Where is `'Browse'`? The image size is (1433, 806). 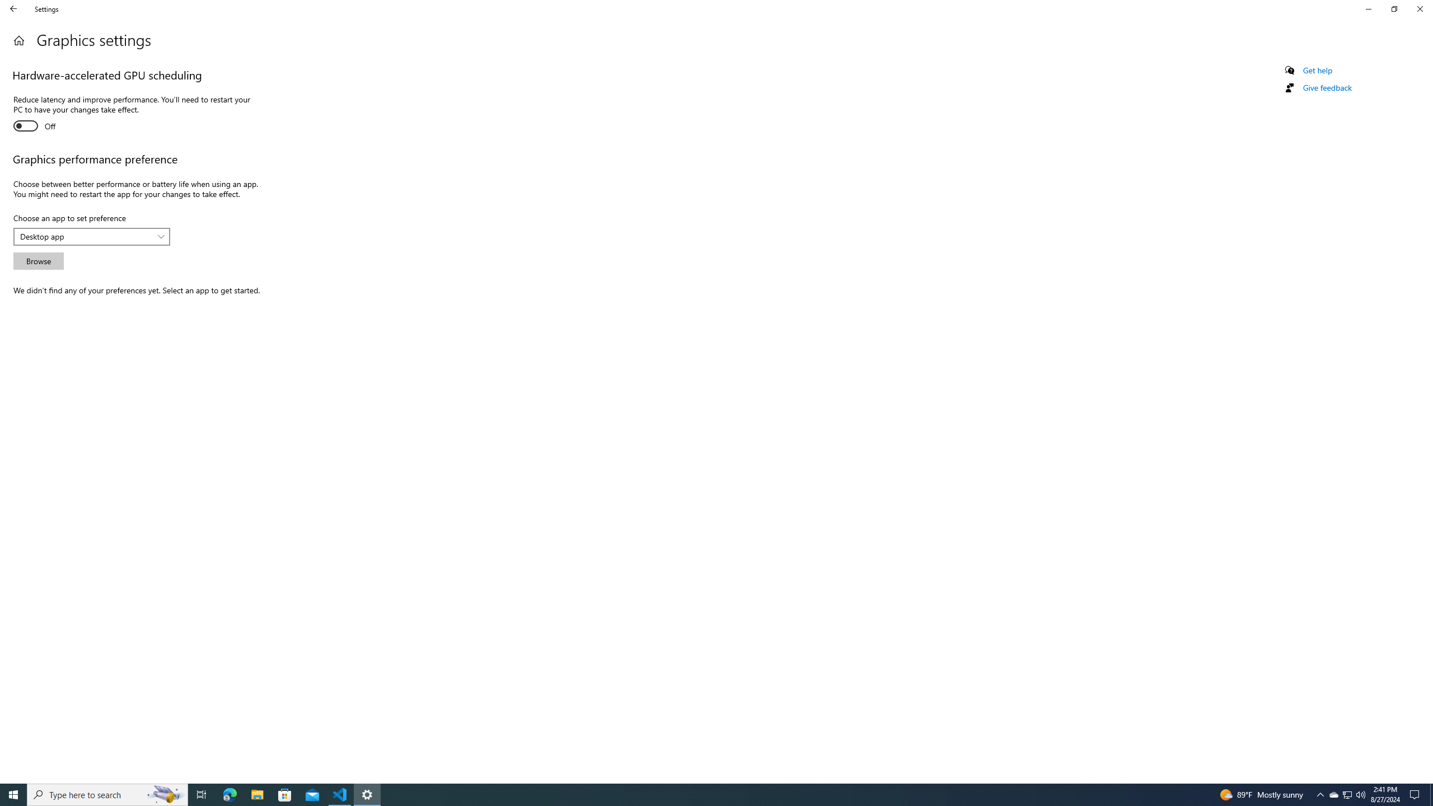 'Browse' is located at coordinates (39, 261).